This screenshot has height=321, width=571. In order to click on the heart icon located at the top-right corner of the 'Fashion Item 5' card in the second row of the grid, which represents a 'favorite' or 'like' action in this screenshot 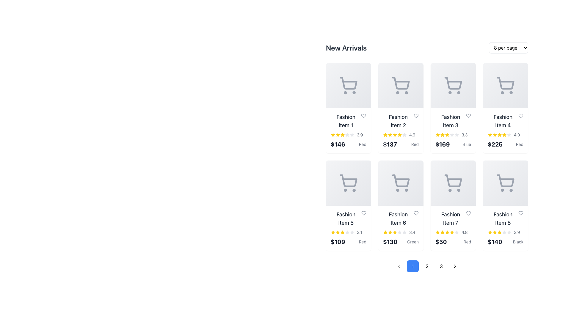, I will do `click(363, 213)`.